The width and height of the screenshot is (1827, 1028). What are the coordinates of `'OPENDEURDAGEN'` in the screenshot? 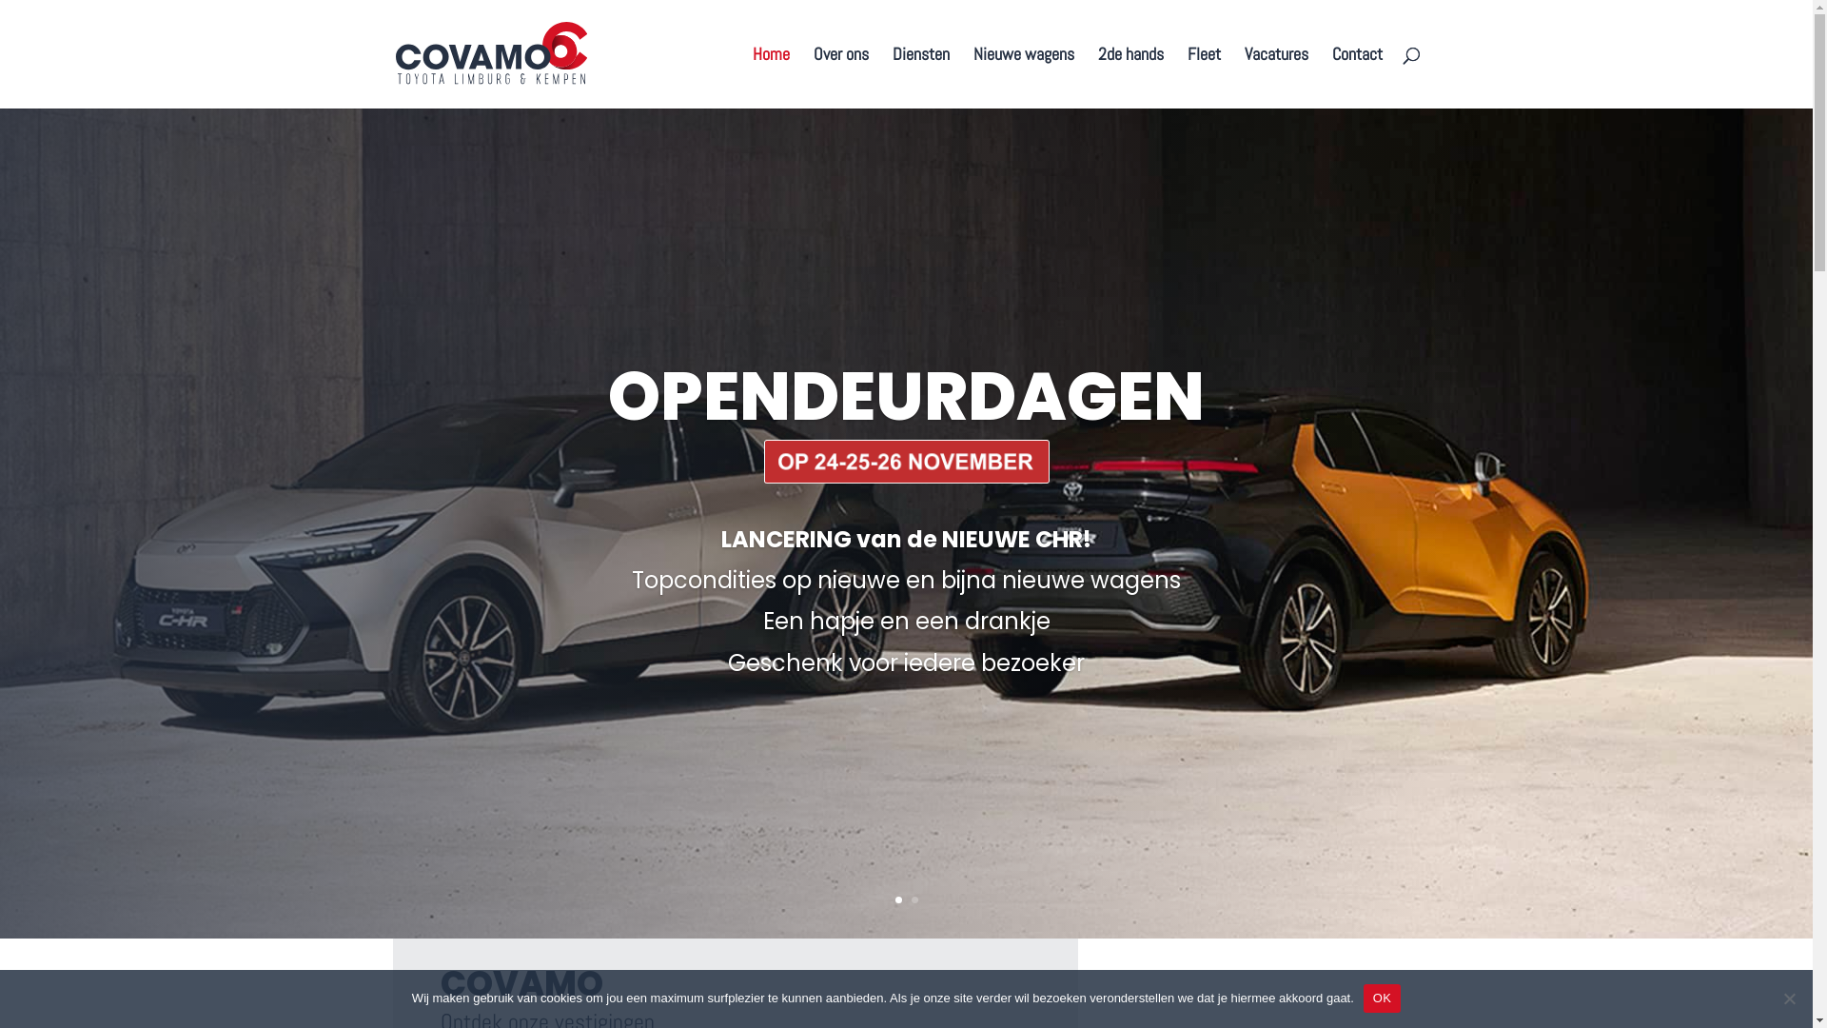 It's located at (905, 395).